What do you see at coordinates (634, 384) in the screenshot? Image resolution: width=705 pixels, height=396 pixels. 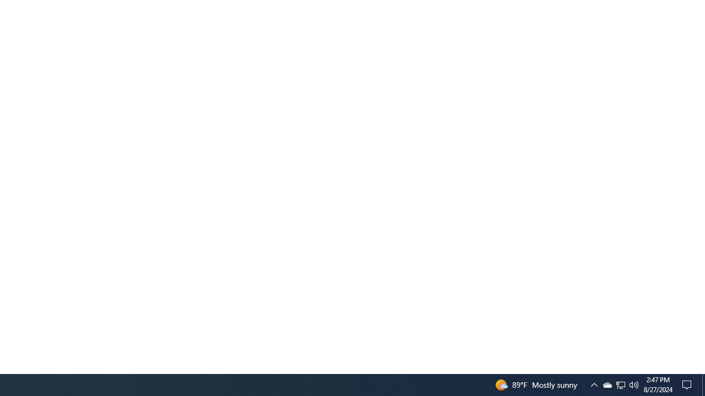 I see `'Q2790: 100%'` at bounding box center [634, 384].